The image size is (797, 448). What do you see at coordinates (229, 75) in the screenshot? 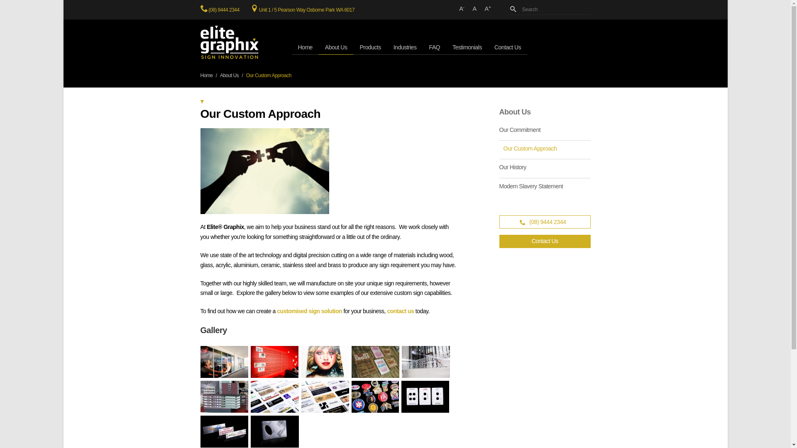
I see `'About Us'` at bounding box center [229, 75].